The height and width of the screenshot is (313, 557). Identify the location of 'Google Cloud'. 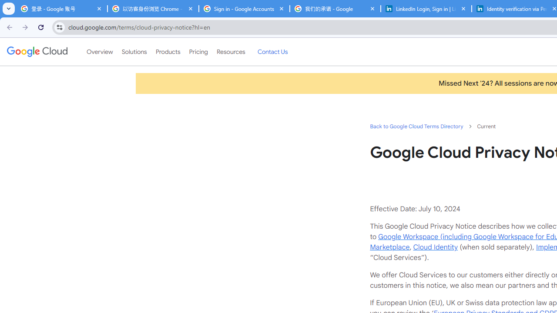
(37, 52).